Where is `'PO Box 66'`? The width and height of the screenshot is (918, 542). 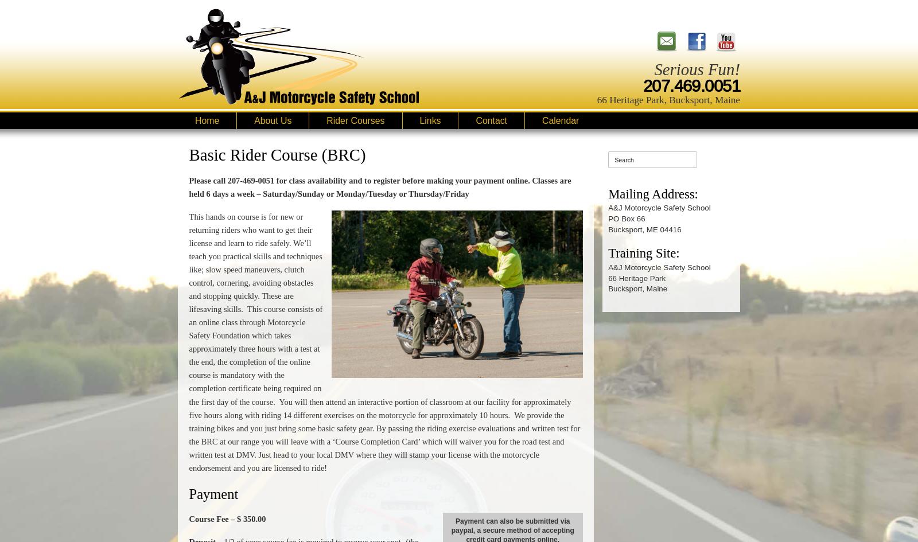 'PO Box 66' is located at coordinates (627, 218).